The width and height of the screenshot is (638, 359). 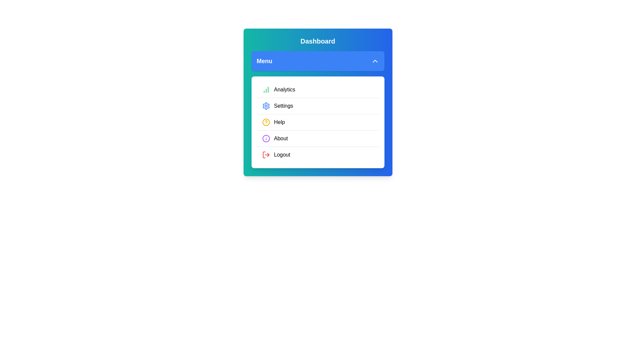 What do you see at coordinates (266, 122) in the screenshot?
I see `the circular part of the 'Help' menu icon in the SVG graphic` at bounding box center [266, 122].